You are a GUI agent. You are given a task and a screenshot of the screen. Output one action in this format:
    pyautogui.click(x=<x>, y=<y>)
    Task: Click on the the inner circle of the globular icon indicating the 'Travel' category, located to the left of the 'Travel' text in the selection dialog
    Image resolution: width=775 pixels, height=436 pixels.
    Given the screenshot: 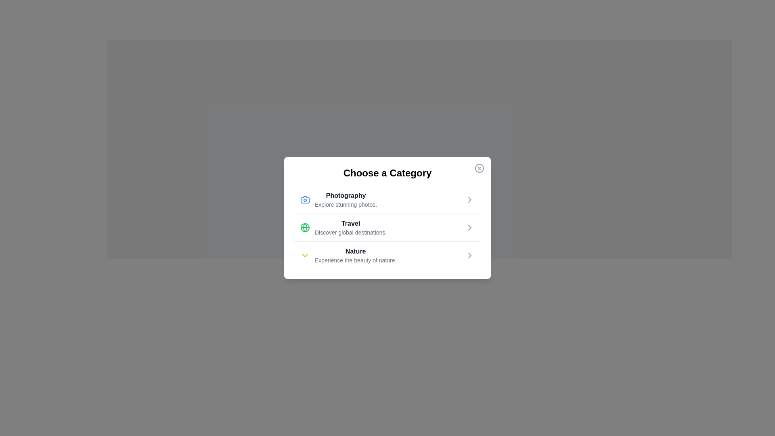 What is the action you would take?
    pyautogui.click(x=304, y=227)
    